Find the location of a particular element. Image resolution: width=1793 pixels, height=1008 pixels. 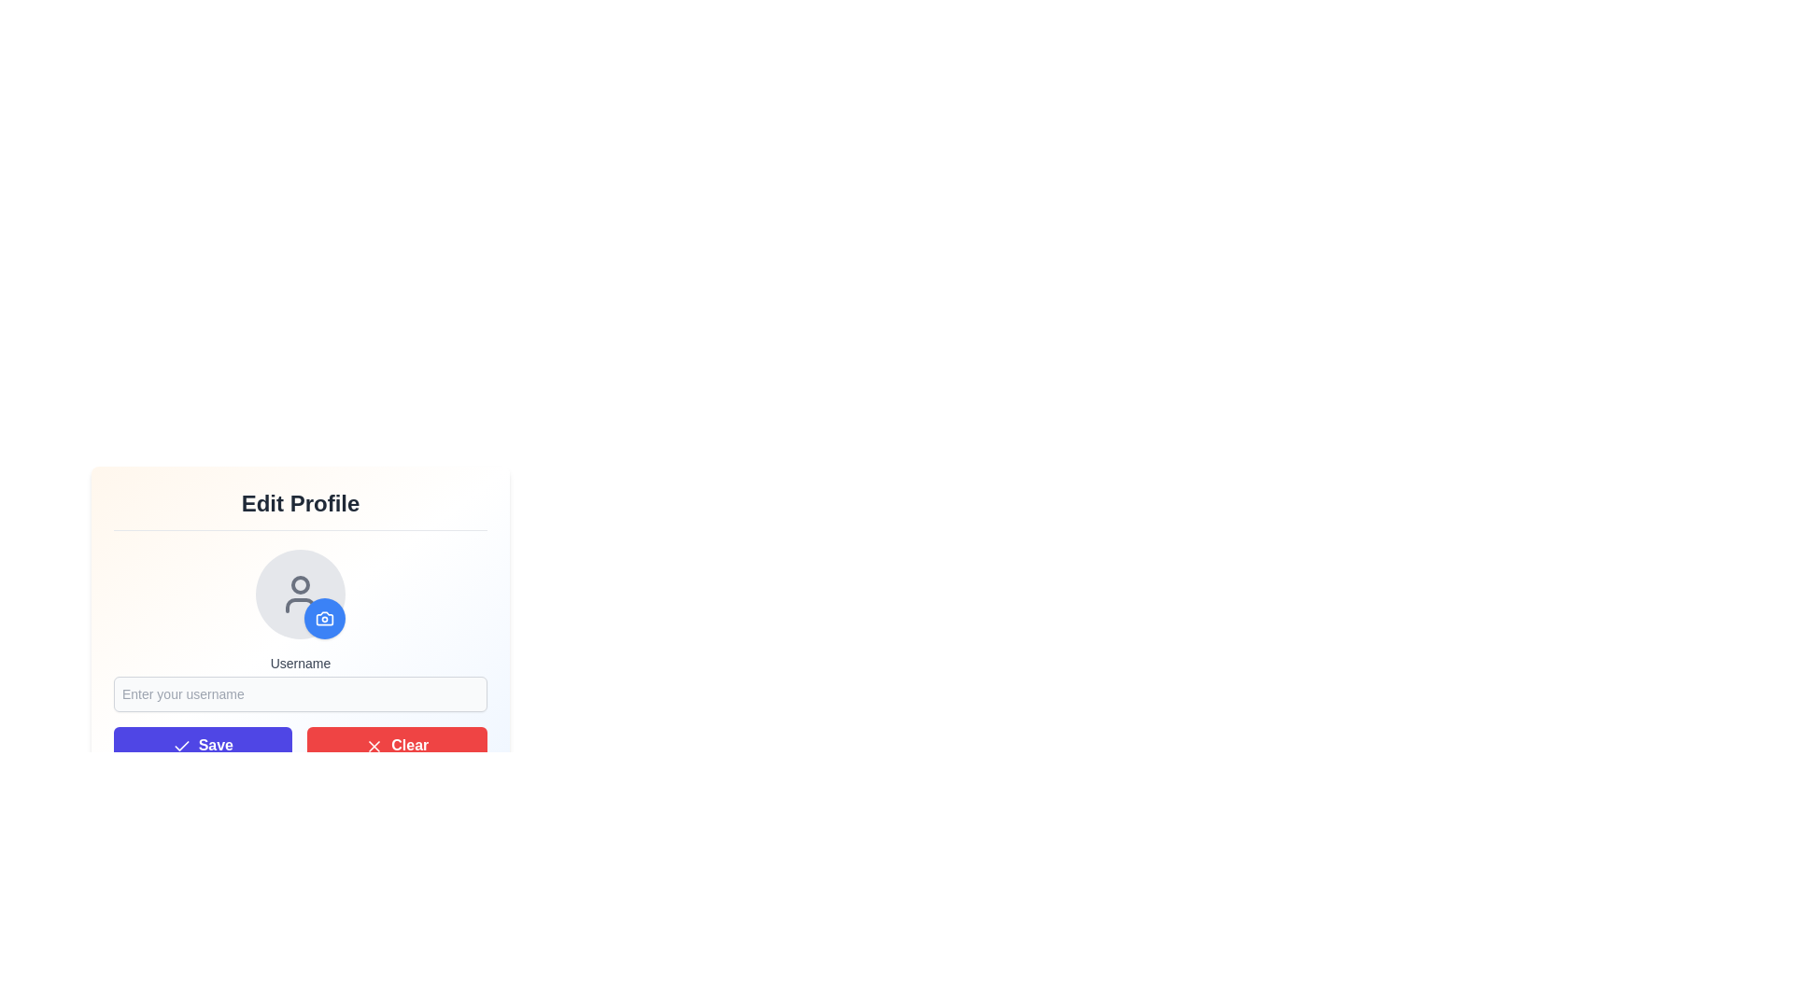

the circular profile editing icon located within the profile UI, which has a grey outline and is near the top of the user icon is located at coordinates (300, 584).